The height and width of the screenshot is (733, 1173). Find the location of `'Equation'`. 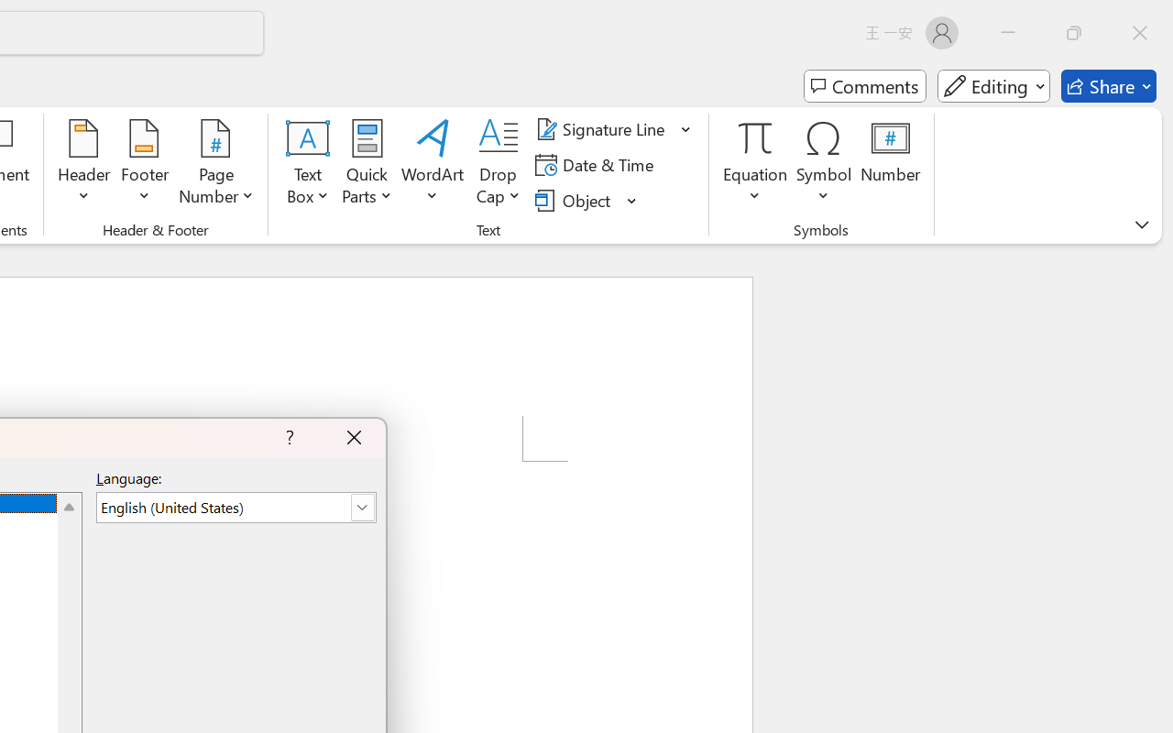

'Equation' is located at coordinates (755, 137).